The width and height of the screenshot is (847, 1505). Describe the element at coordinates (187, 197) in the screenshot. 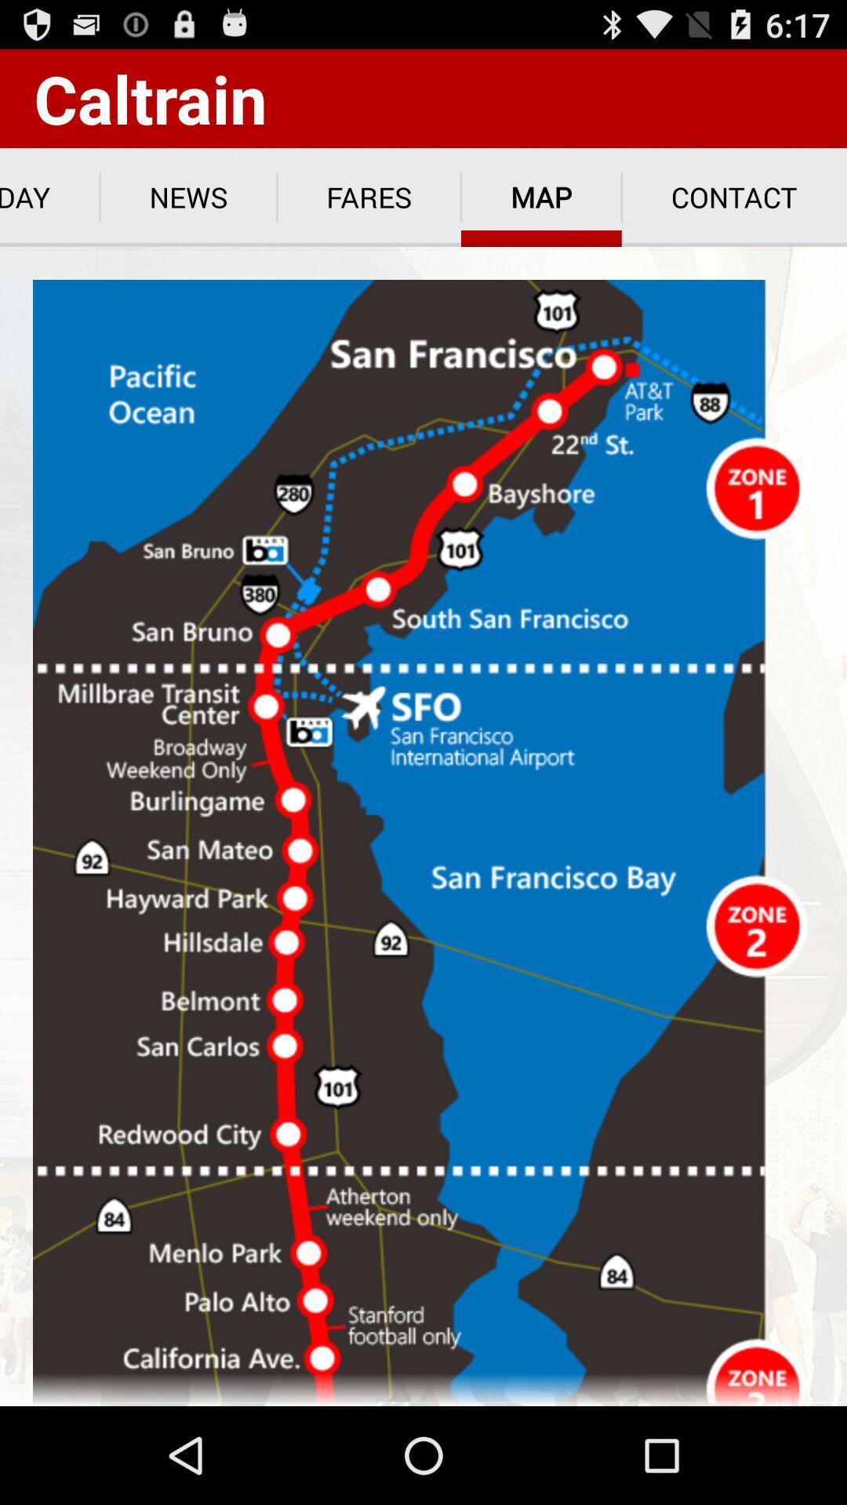

I see `the icon to the right of today` at that location.